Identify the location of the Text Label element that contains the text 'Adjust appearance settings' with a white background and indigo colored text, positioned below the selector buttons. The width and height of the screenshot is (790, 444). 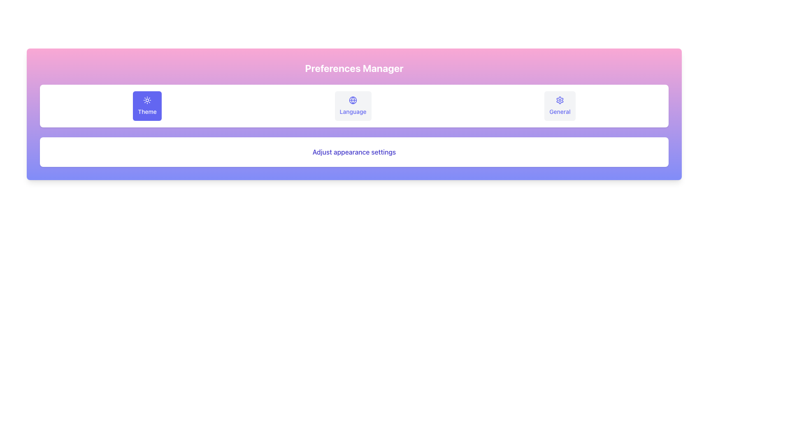
(354, 152).